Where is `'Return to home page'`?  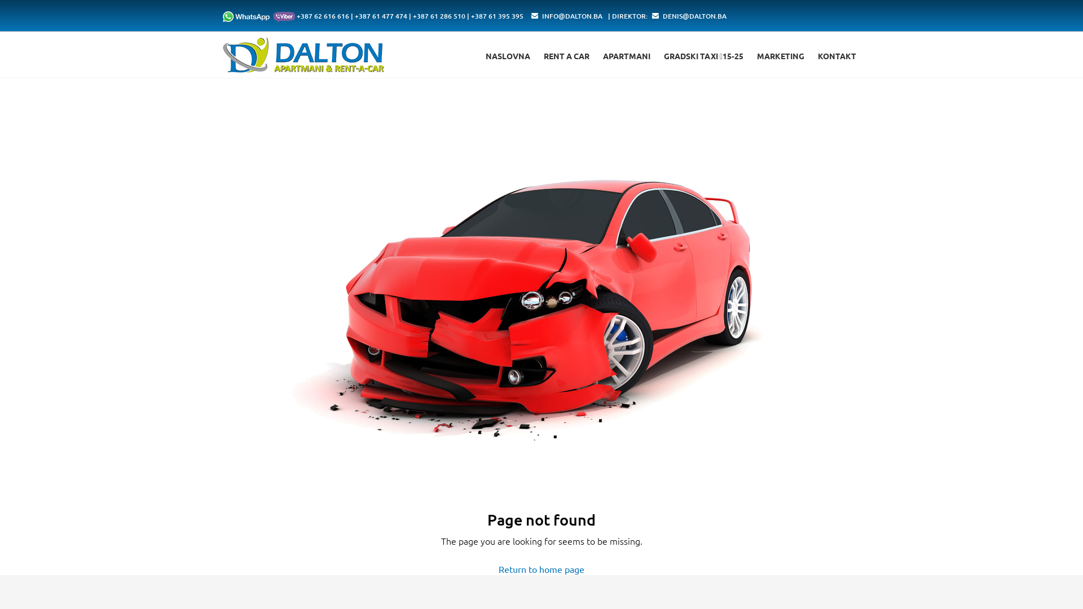
'Return to home page' is located at coordinates (541, 569).